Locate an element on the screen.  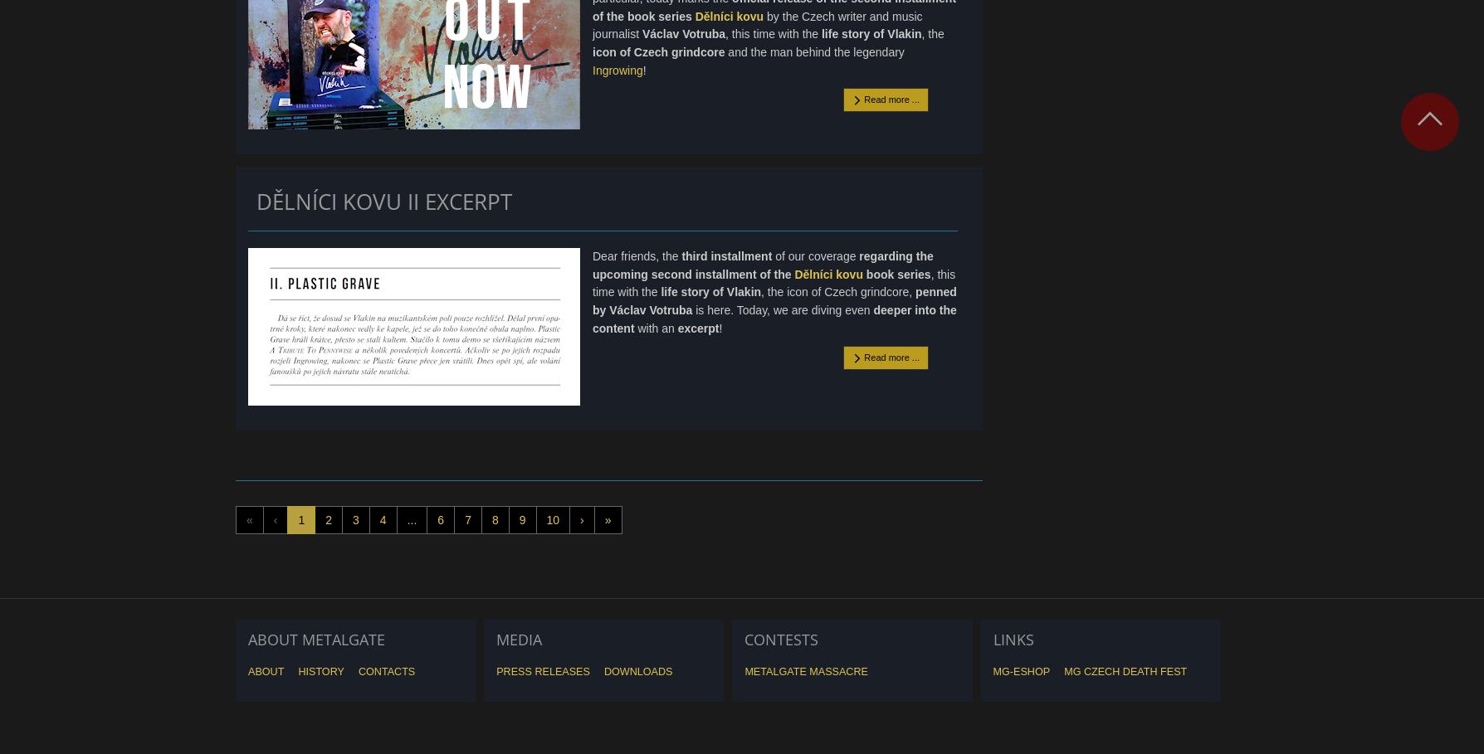
'MG Czech Death Fest' is located at coordinates (1125, 672).